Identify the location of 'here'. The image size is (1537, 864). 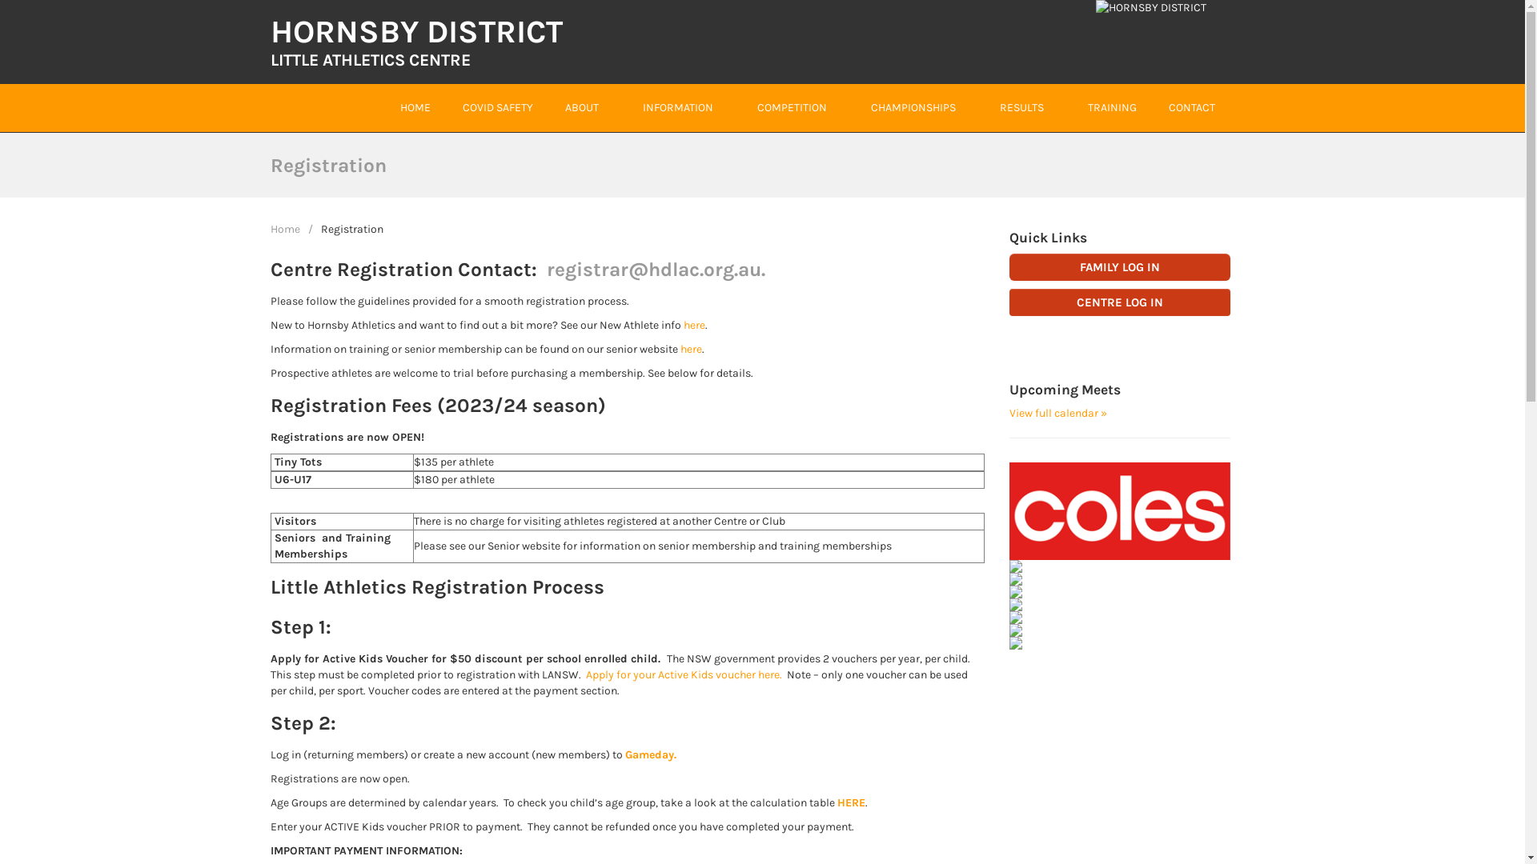
(691, 348).